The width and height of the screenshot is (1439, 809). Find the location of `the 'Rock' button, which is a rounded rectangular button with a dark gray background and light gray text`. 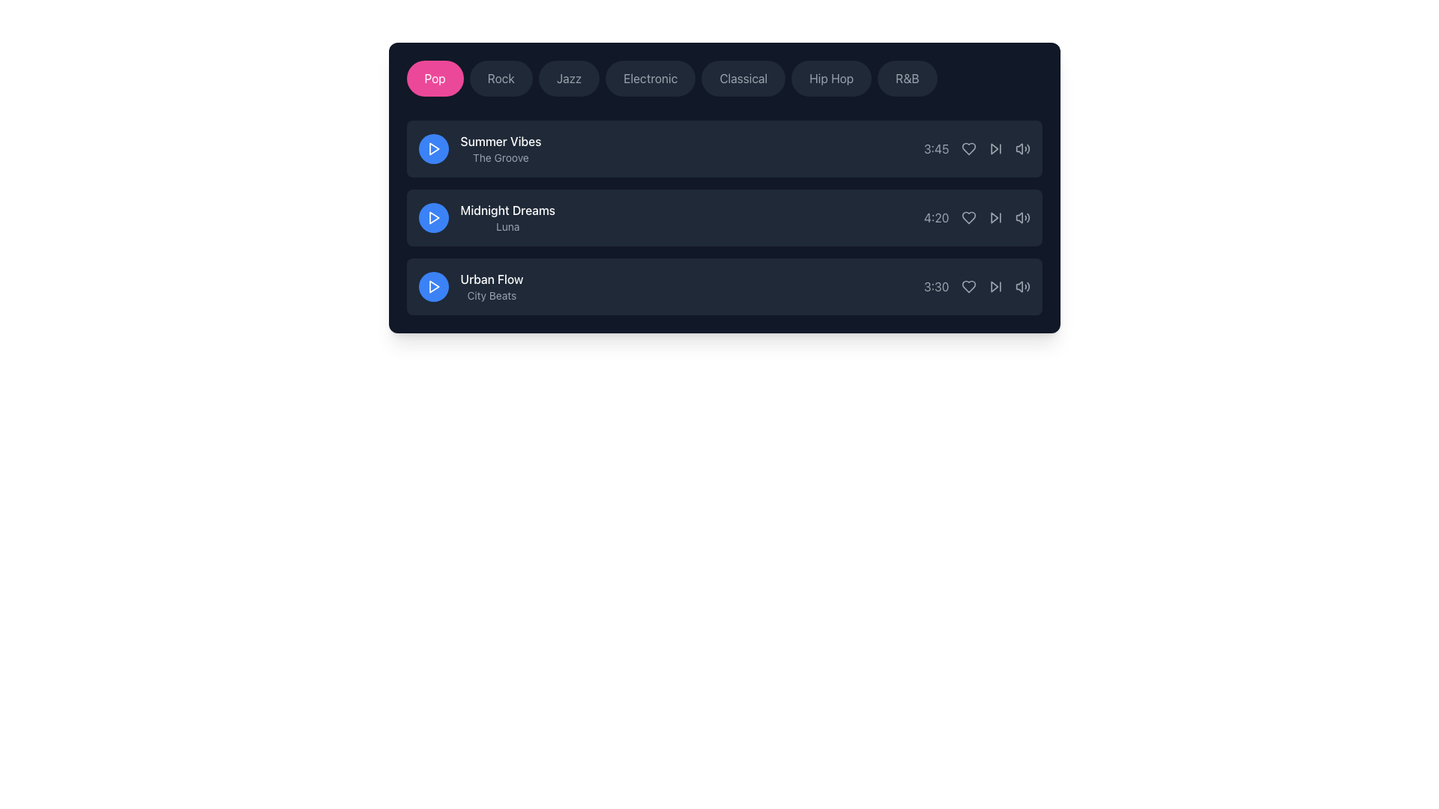

the 'Rock' button, which is a rounded rectangular button with a dark gray background and light gray text is located at coordinates (501, 78).